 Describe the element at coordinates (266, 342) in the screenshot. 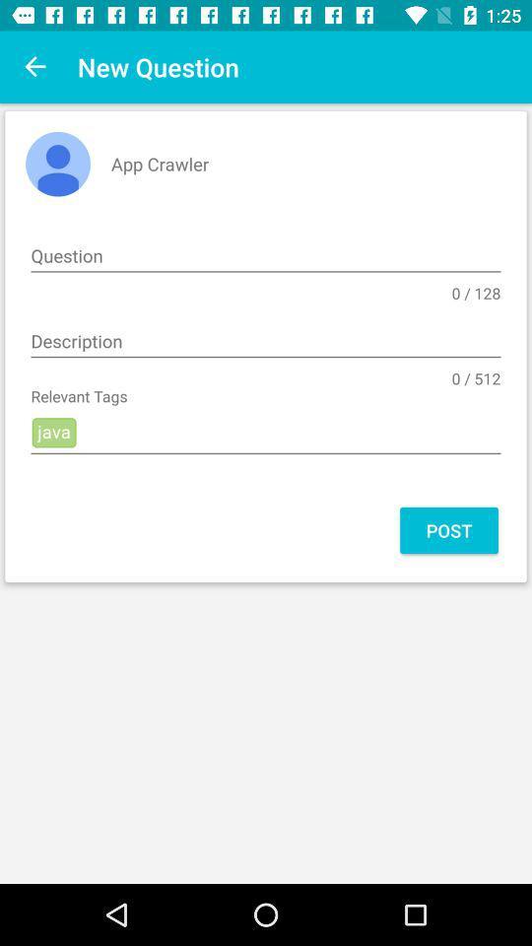

I see `icon above the 0 / 512` at that location.